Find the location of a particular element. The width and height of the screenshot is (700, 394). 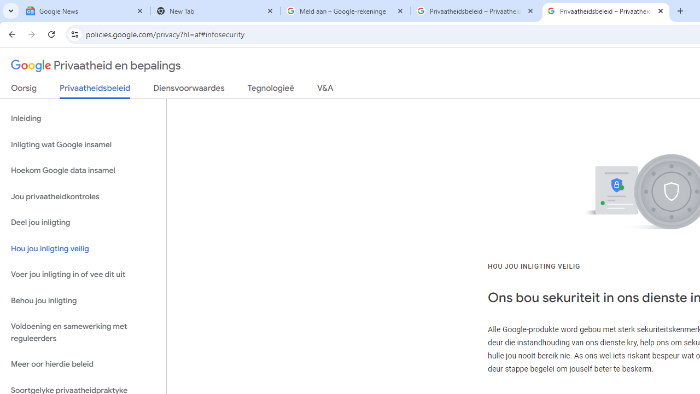

'Voldoening en samewerking met reguleerders' is located at coordinates (83, 332).